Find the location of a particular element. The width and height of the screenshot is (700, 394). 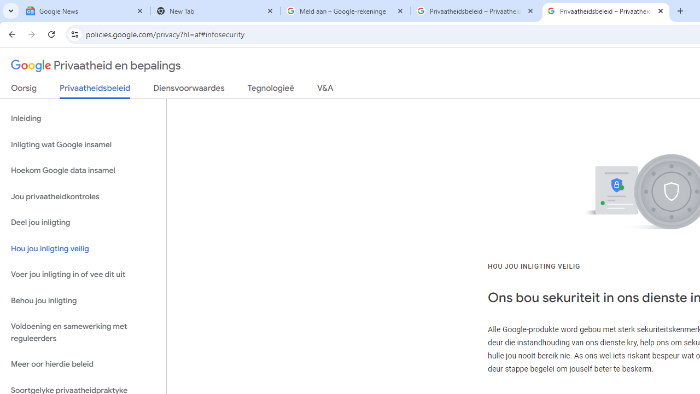

'Voldoening en samewerking met reguleerders' is located at coordinates (83, 332).